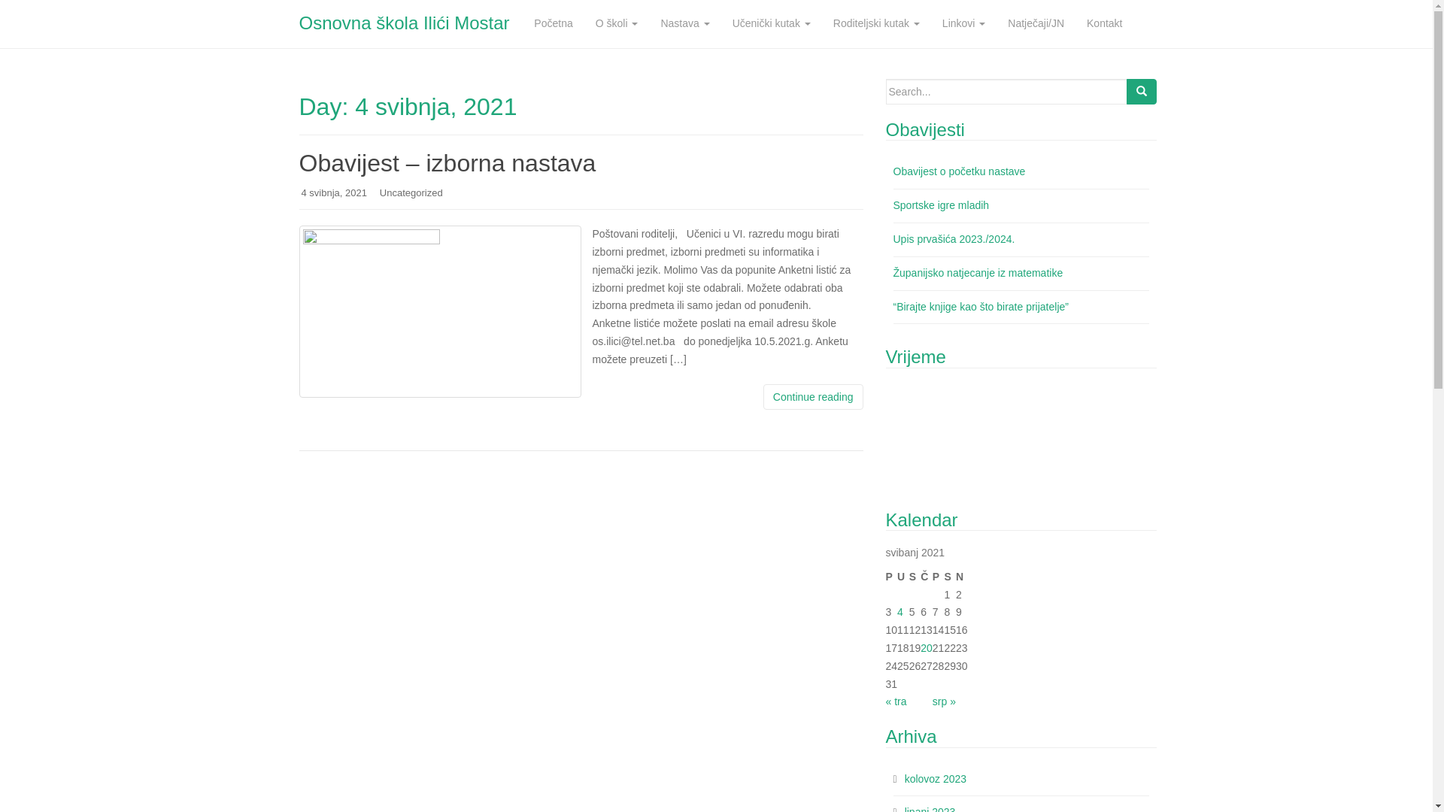 This screenshot has width=1444, height=812. What do you see at coordinates (812, 396) in the screenshot?
I see `'Continue reading'` at bounding box center [812, 396].